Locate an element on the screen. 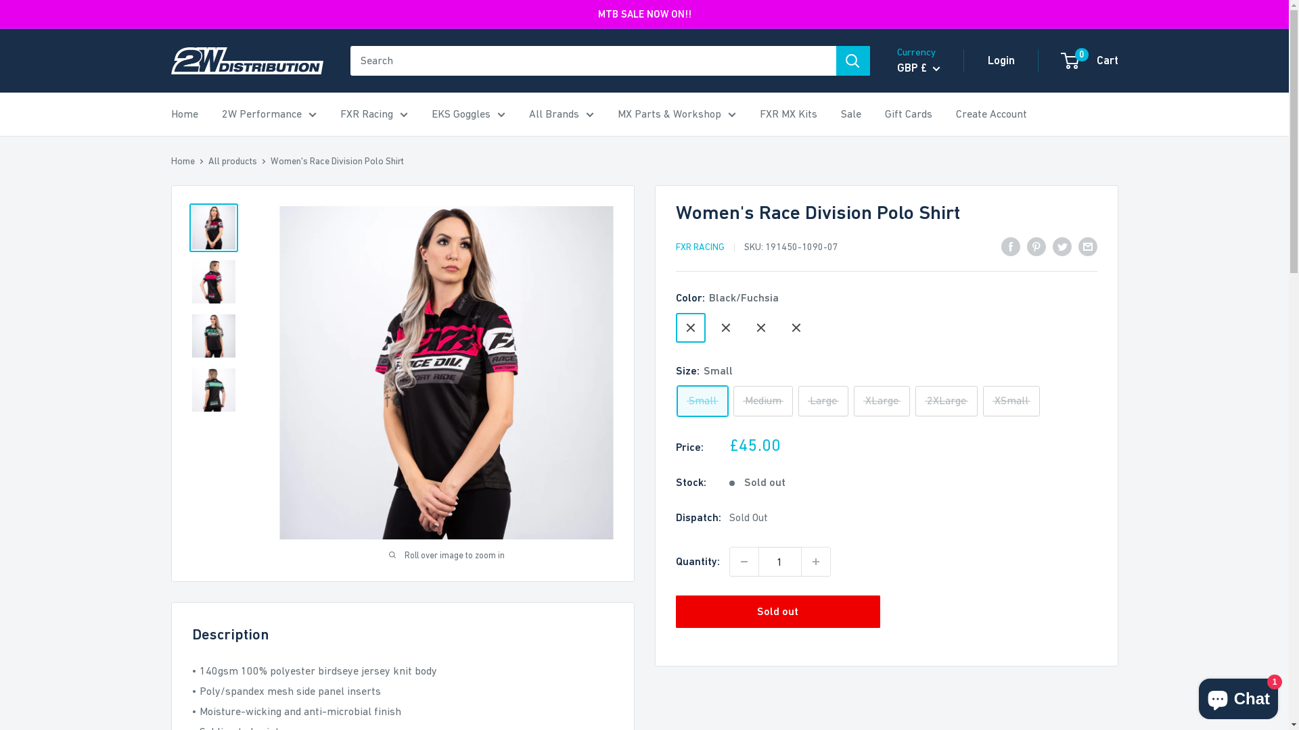 Image resolution: width=1299 pixels, height=730 pixels. 'Decrease quantity by 1' is located at coordinates (743, 561).